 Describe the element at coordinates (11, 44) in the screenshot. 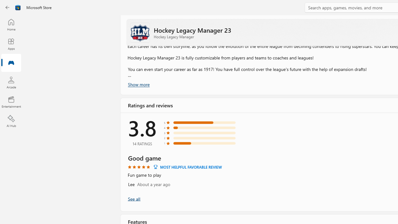

I see `'Apps'` at that location.